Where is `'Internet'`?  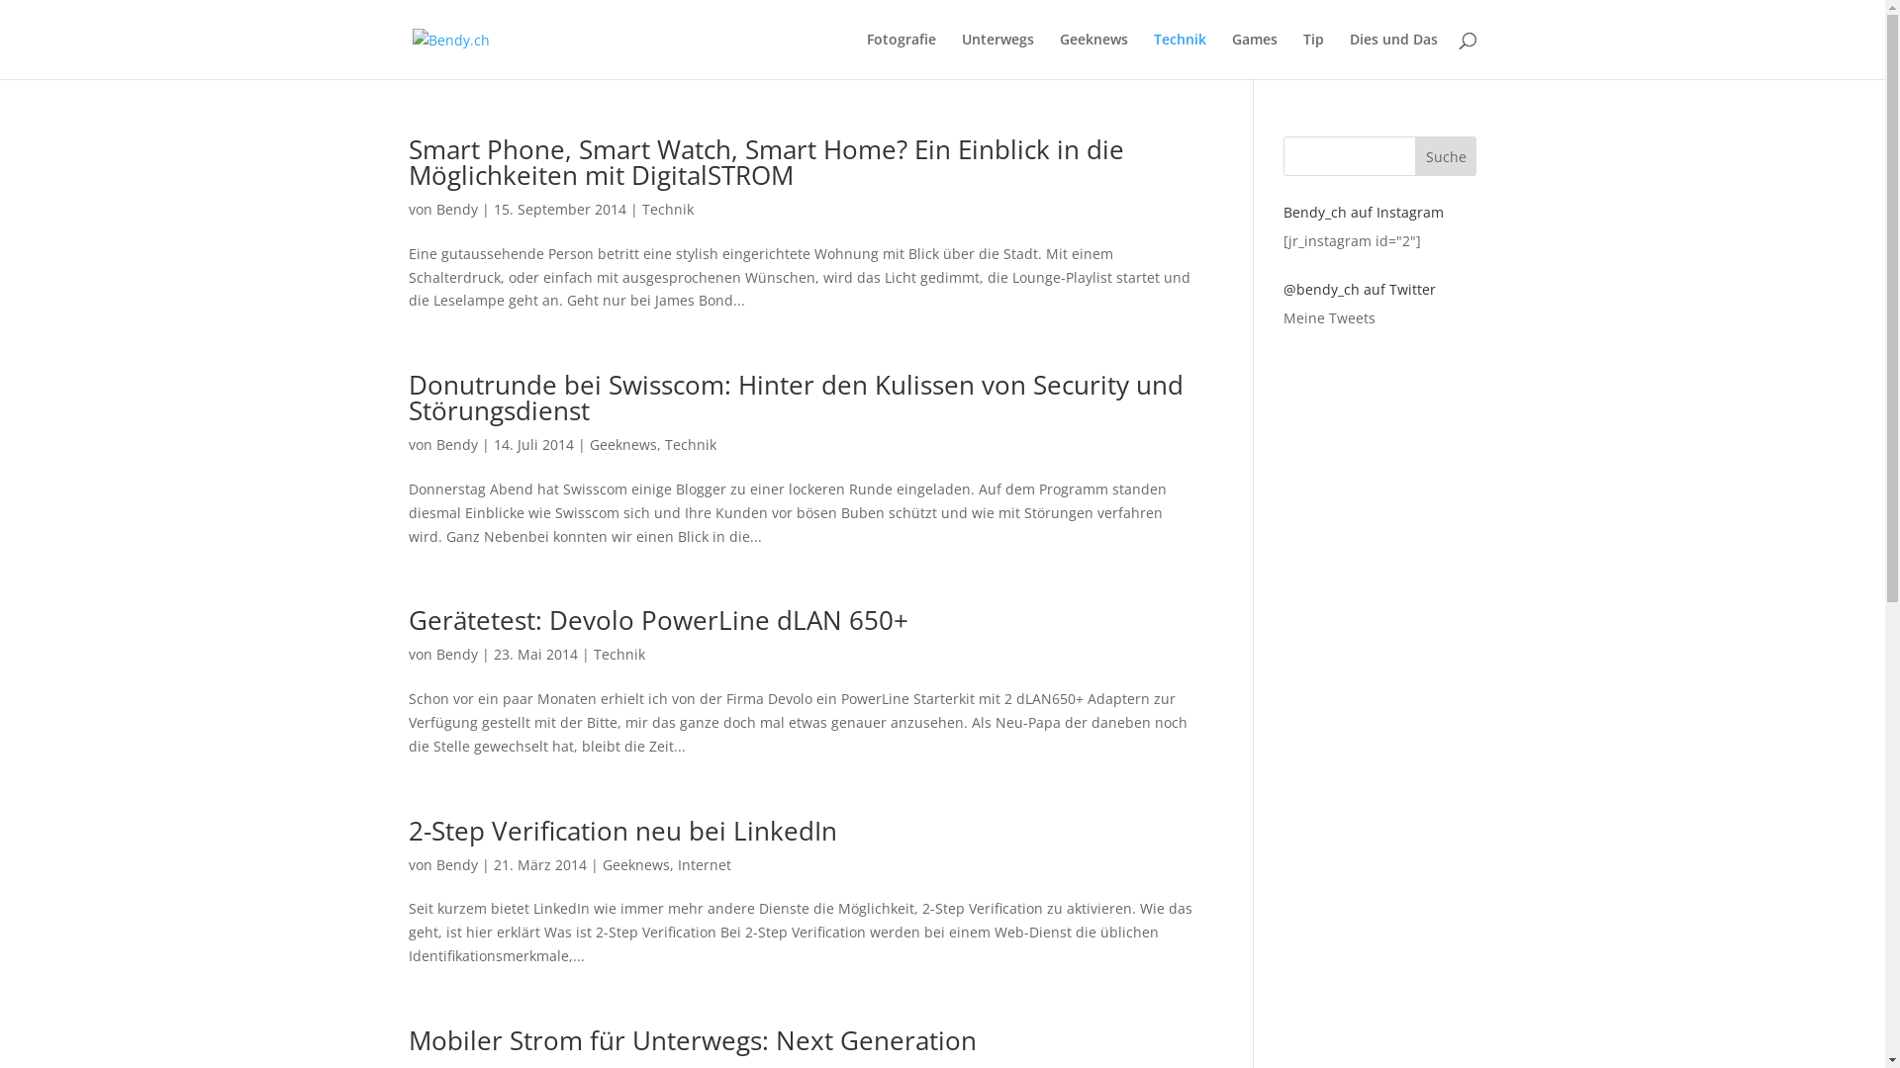
'Internet' is located at coordinates (703, 863).